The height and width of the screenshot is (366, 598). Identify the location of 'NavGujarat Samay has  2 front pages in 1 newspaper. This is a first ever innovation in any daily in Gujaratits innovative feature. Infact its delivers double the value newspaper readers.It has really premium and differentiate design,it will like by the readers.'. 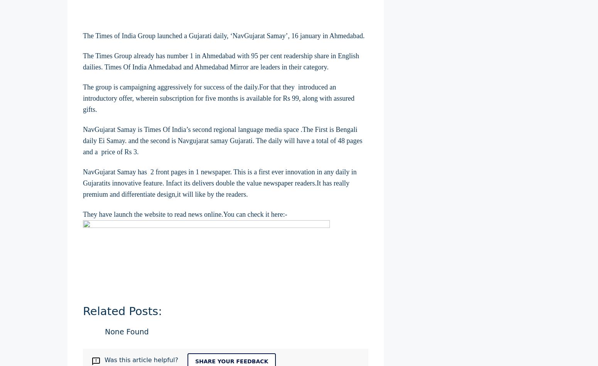
(82, 183).